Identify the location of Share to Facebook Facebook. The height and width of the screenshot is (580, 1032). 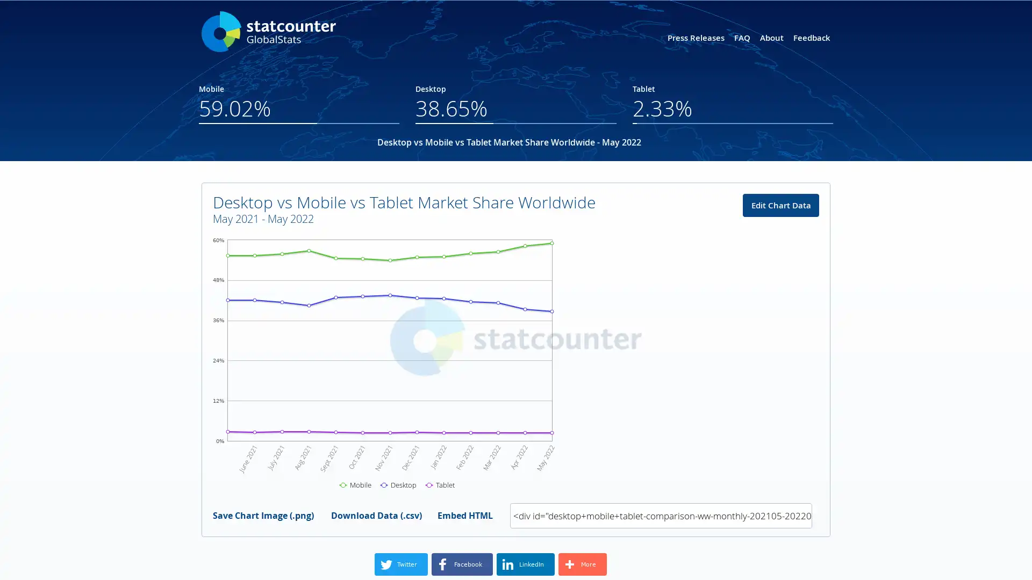
(461, 563).